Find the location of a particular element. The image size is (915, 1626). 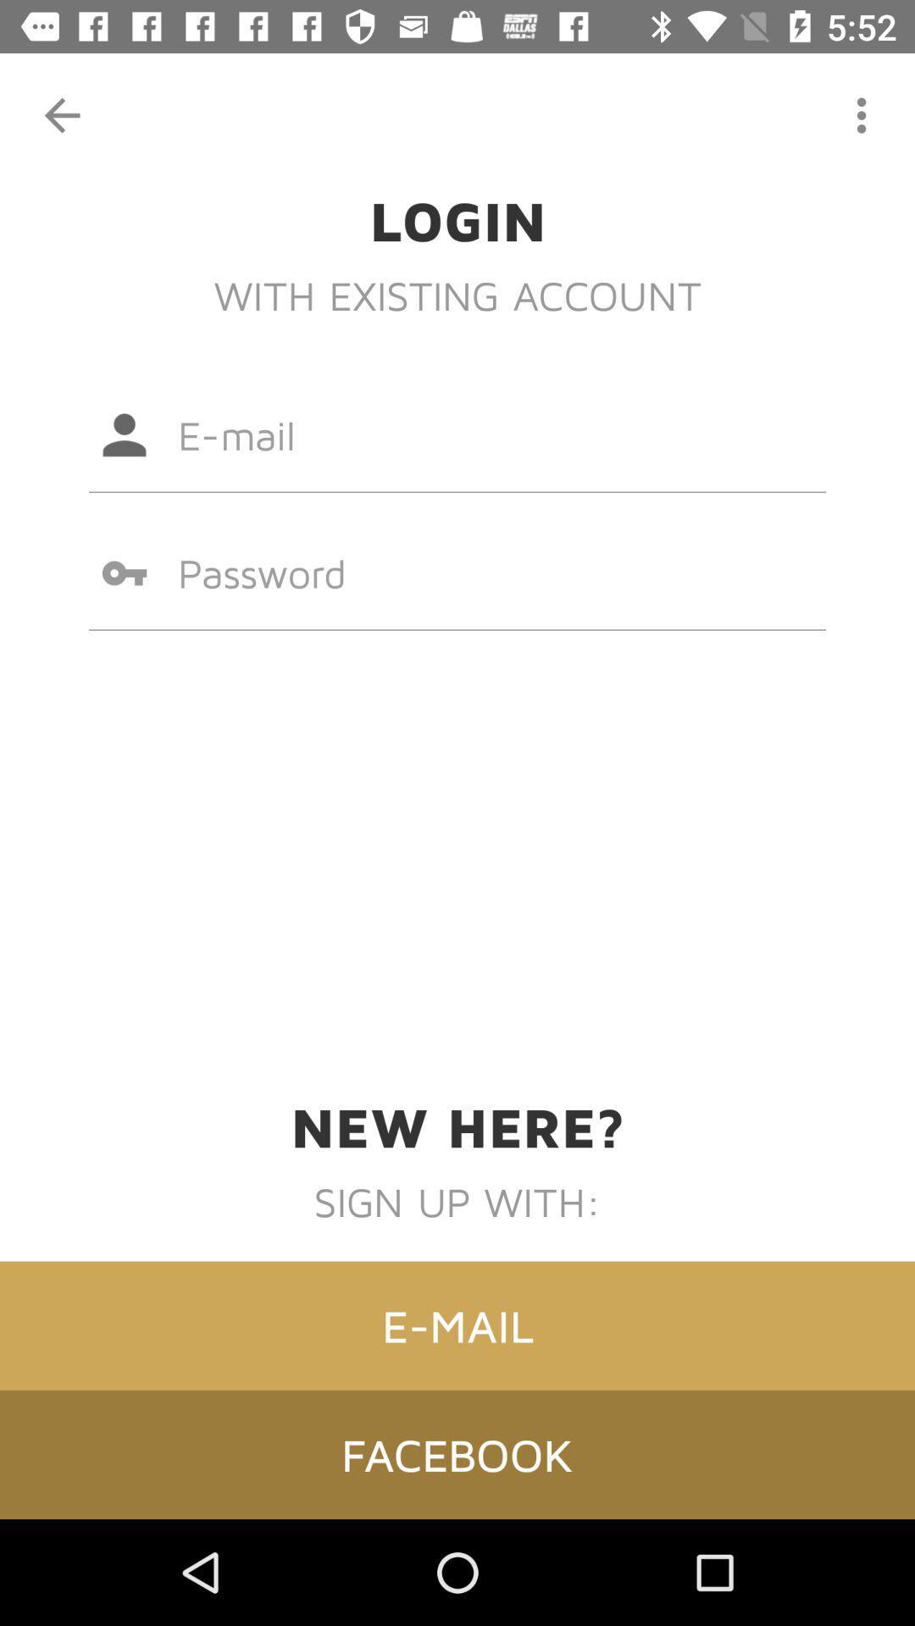

icon below sign up with: item is located at coordinates (457, 1325).